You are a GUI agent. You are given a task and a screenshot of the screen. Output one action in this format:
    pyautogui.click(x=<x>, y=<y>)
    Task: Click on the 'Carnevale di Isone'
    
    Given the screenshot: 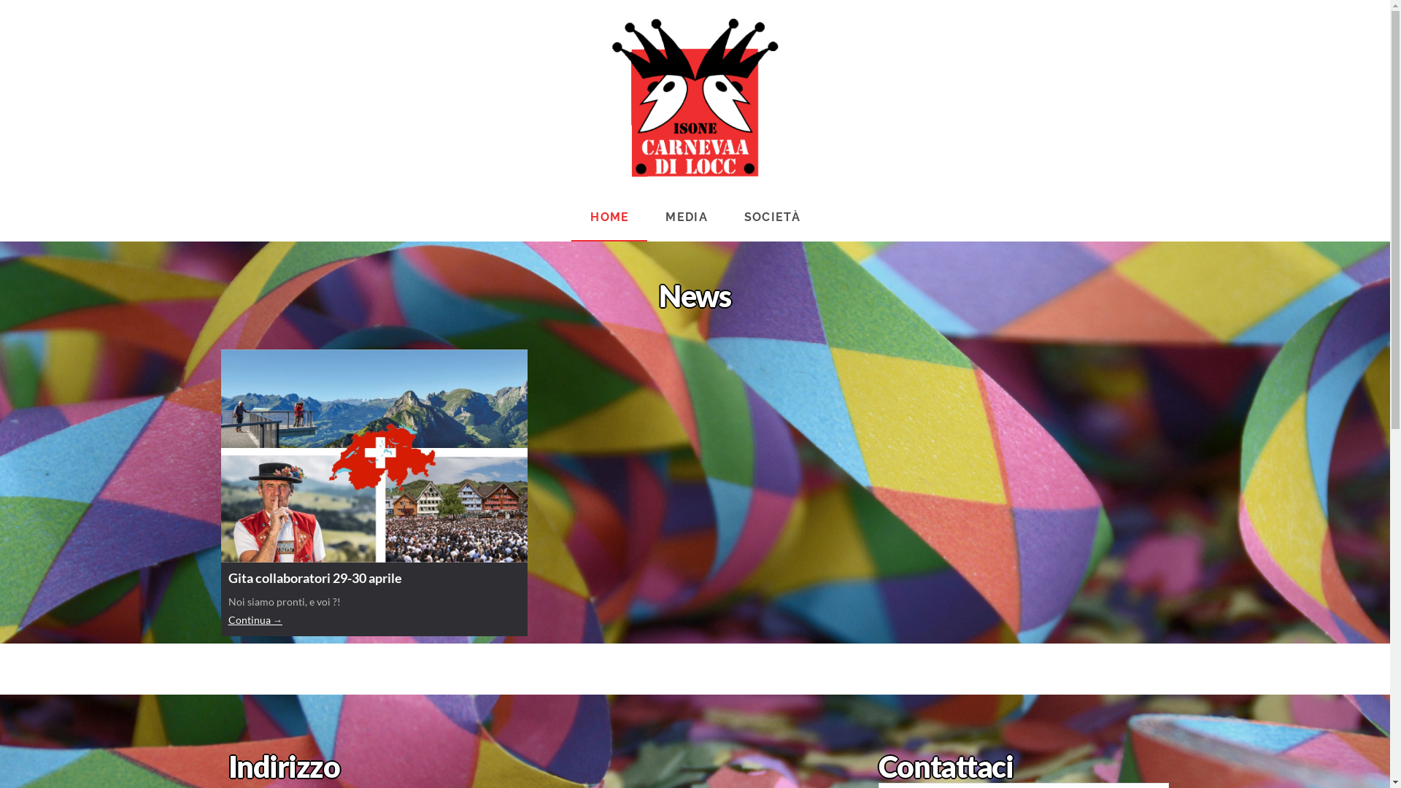 What is the action you would take?
    pyautogui.click(x=611, y=98)
    